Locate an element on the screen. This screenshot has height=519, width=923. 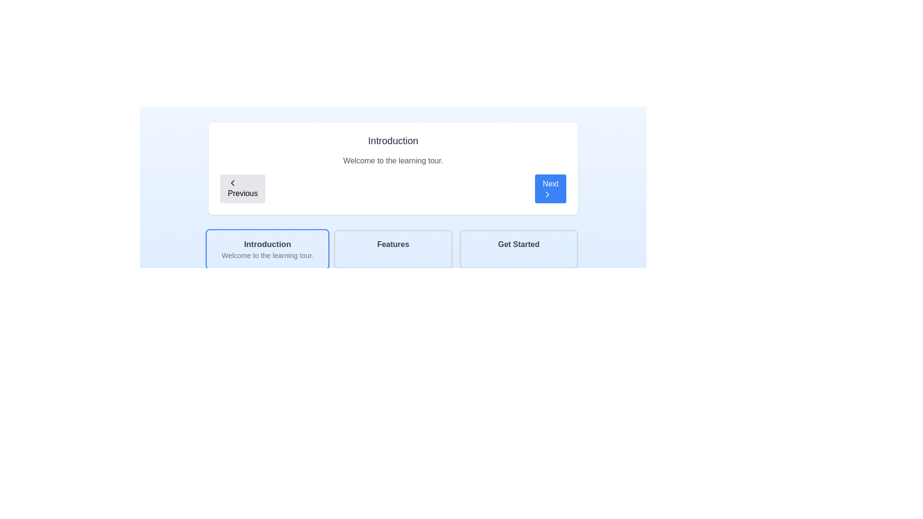
the 'Next' button located in the bottom-right area of the central card to proceed to the next step is located at coordinates (550, 189).